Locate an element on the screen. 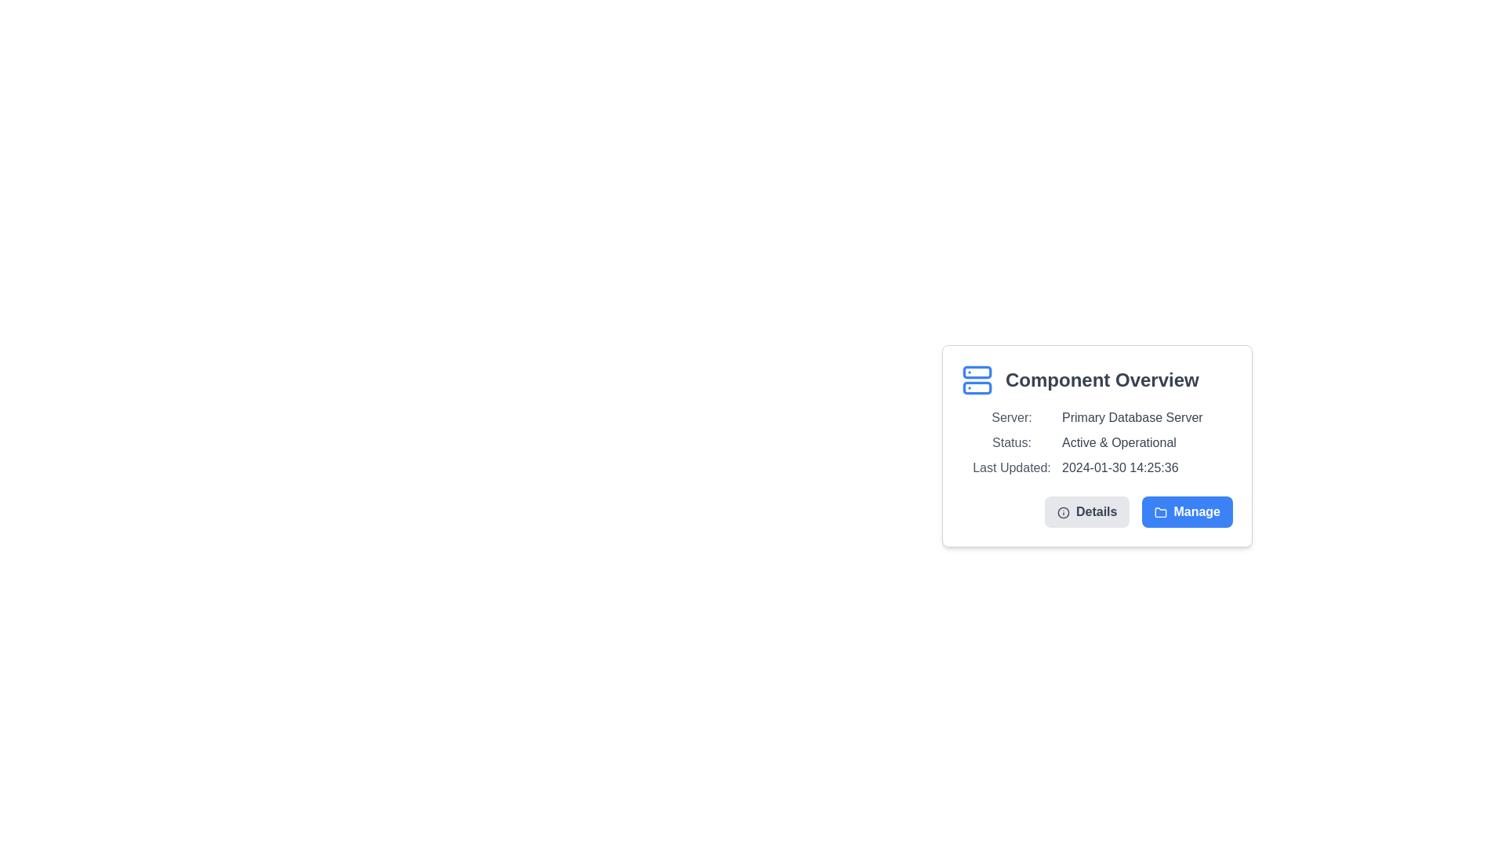 Image resolution: width=1505 pixels, height=847 pixels. the circular graphic element located in the 'Component Overview' card, which is a filled circle with a thin outer ring, positioned at the top left of the interface is located at coordinates (1063, 512).